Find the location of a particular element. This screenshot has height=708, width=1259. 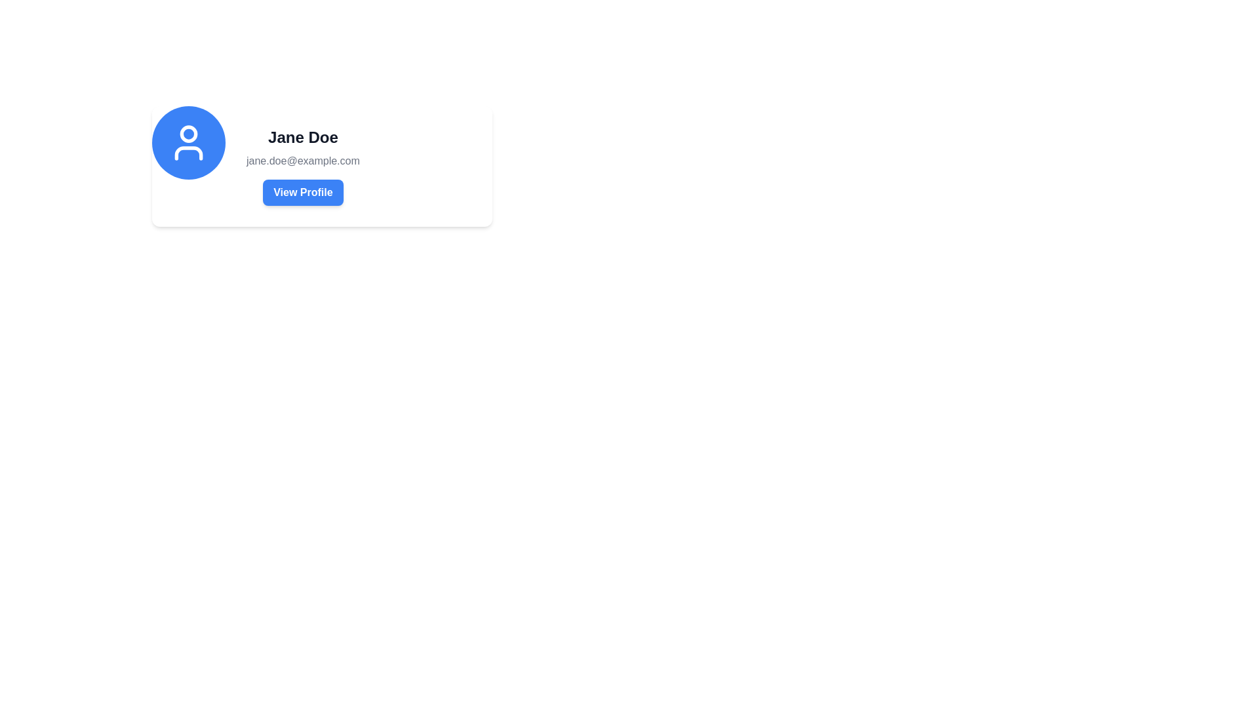

the user profile icon, which is a white icon within a blue circular background is located at coordinates (188, 143).